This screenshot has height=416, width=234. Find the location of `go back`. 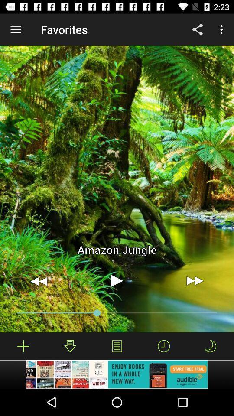

go back is located at coordinates (39, 280).